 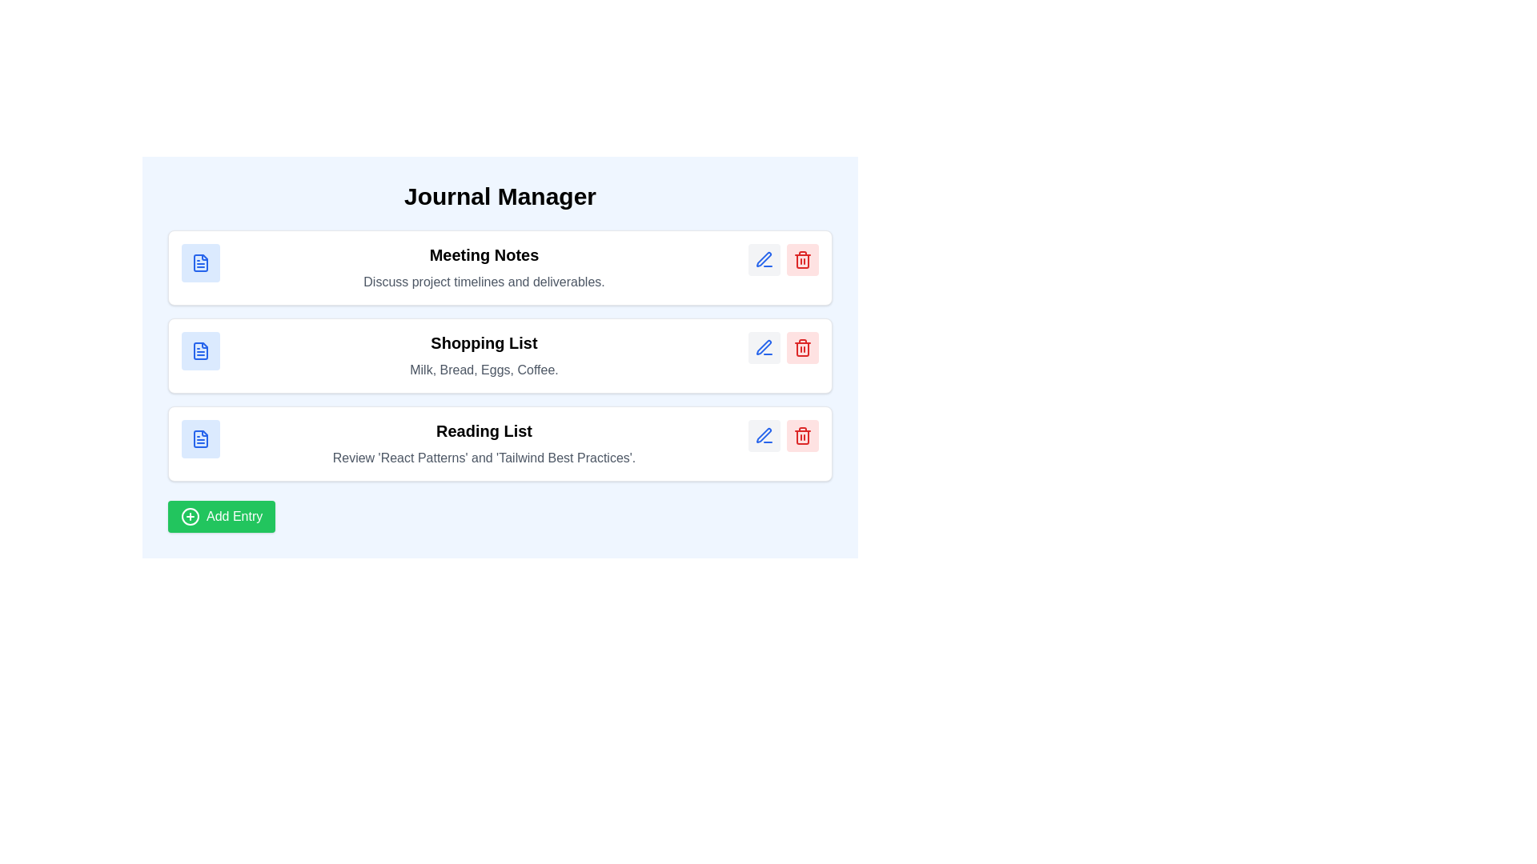 I want to click on text of the header indicating the title 'Shopping List', which is the second entry in the list, located below 'Meeting Notes' and above 'Reading List', so click(x=483, y=342).